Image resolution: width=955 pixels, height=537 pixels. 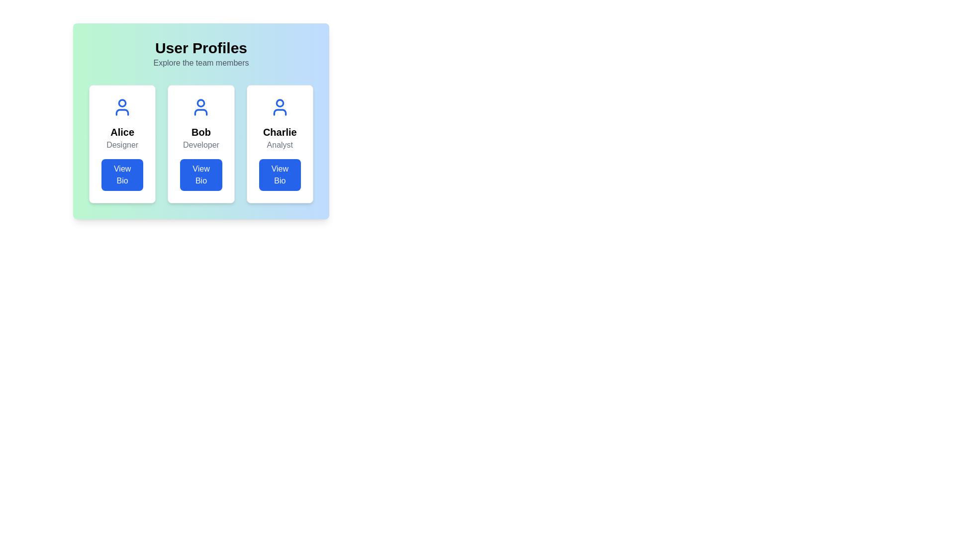 I want to click on text label indicating the role or position of 'Charlie' in the third profile card from the left, located below the 'Charlie' text and above the 'View Bio' button, so click(x=279, y=145).